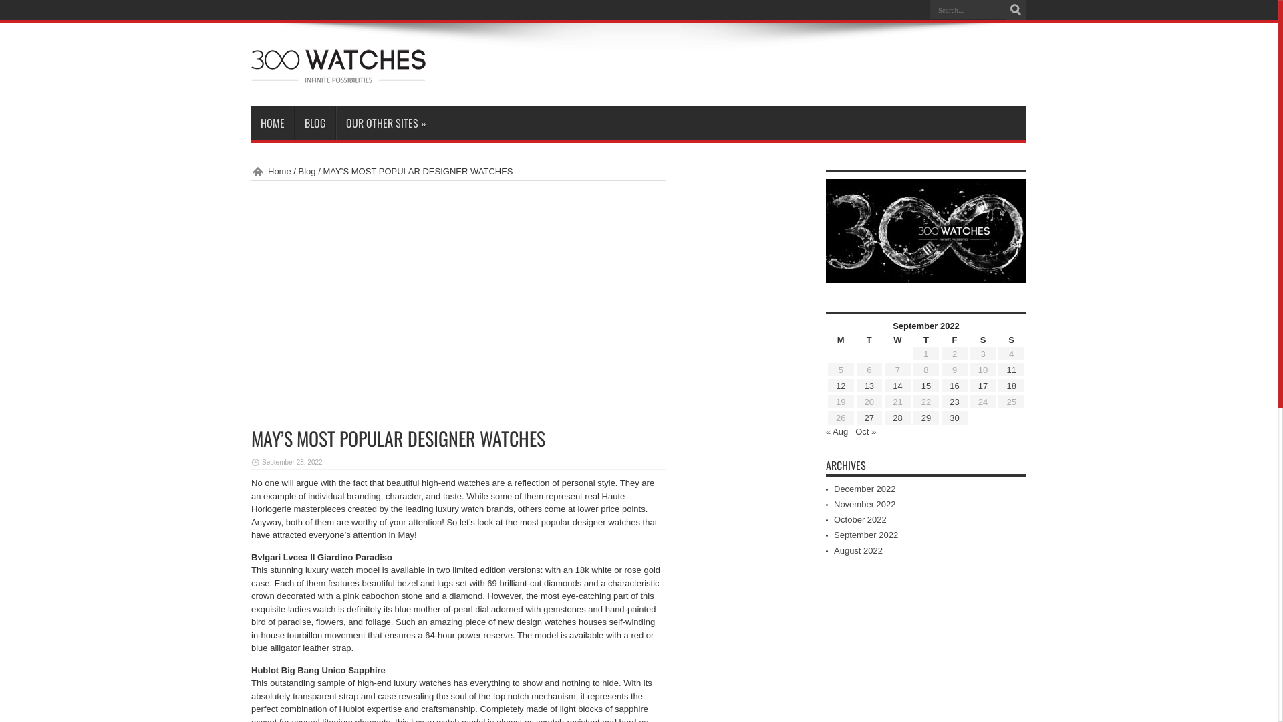 The height and width of the screenshot is (722, 1283). Describe the element at coordinates (925, 417) in the screenshot. I see `'29'` at that location.